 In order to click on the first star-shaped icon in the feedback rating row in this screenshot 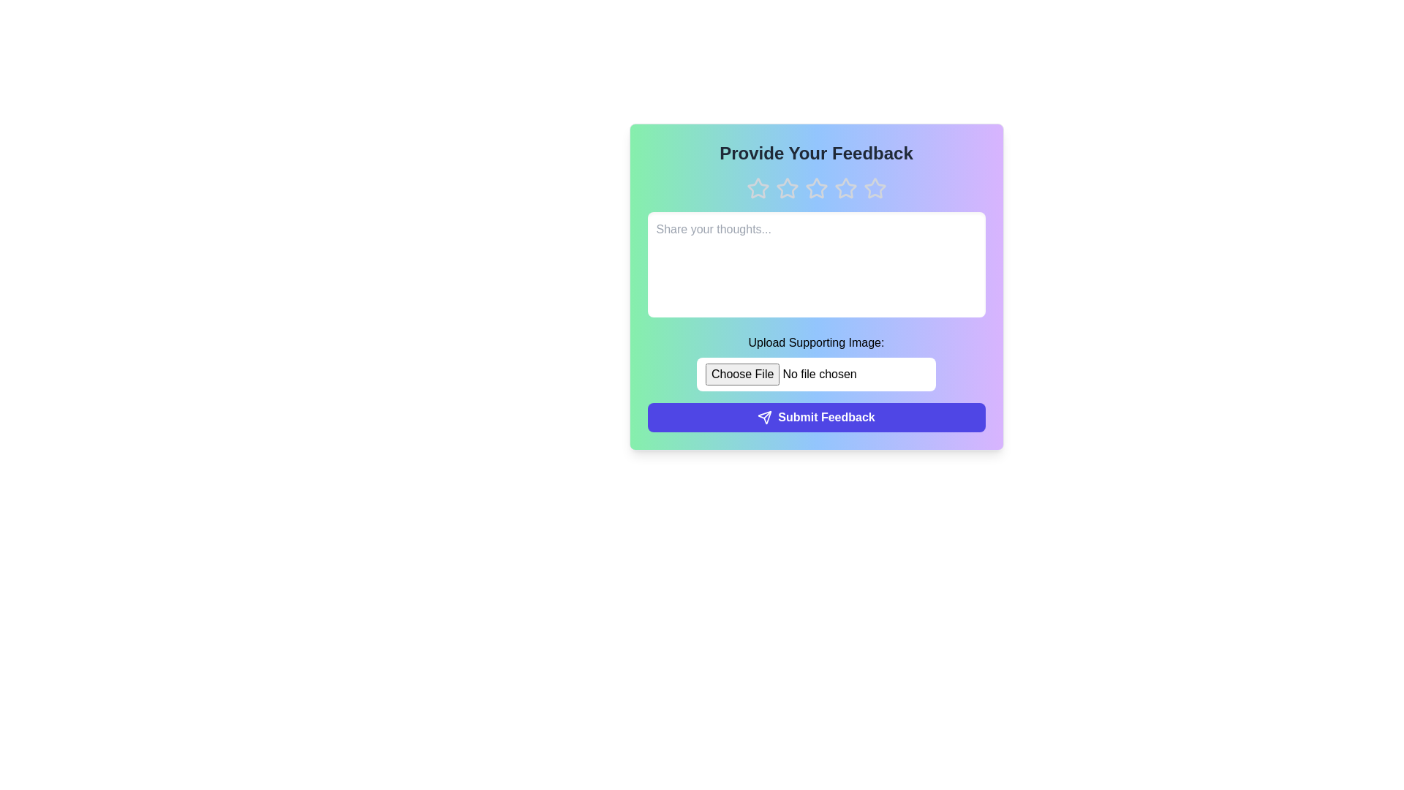, I will do `click(758, 187)`.